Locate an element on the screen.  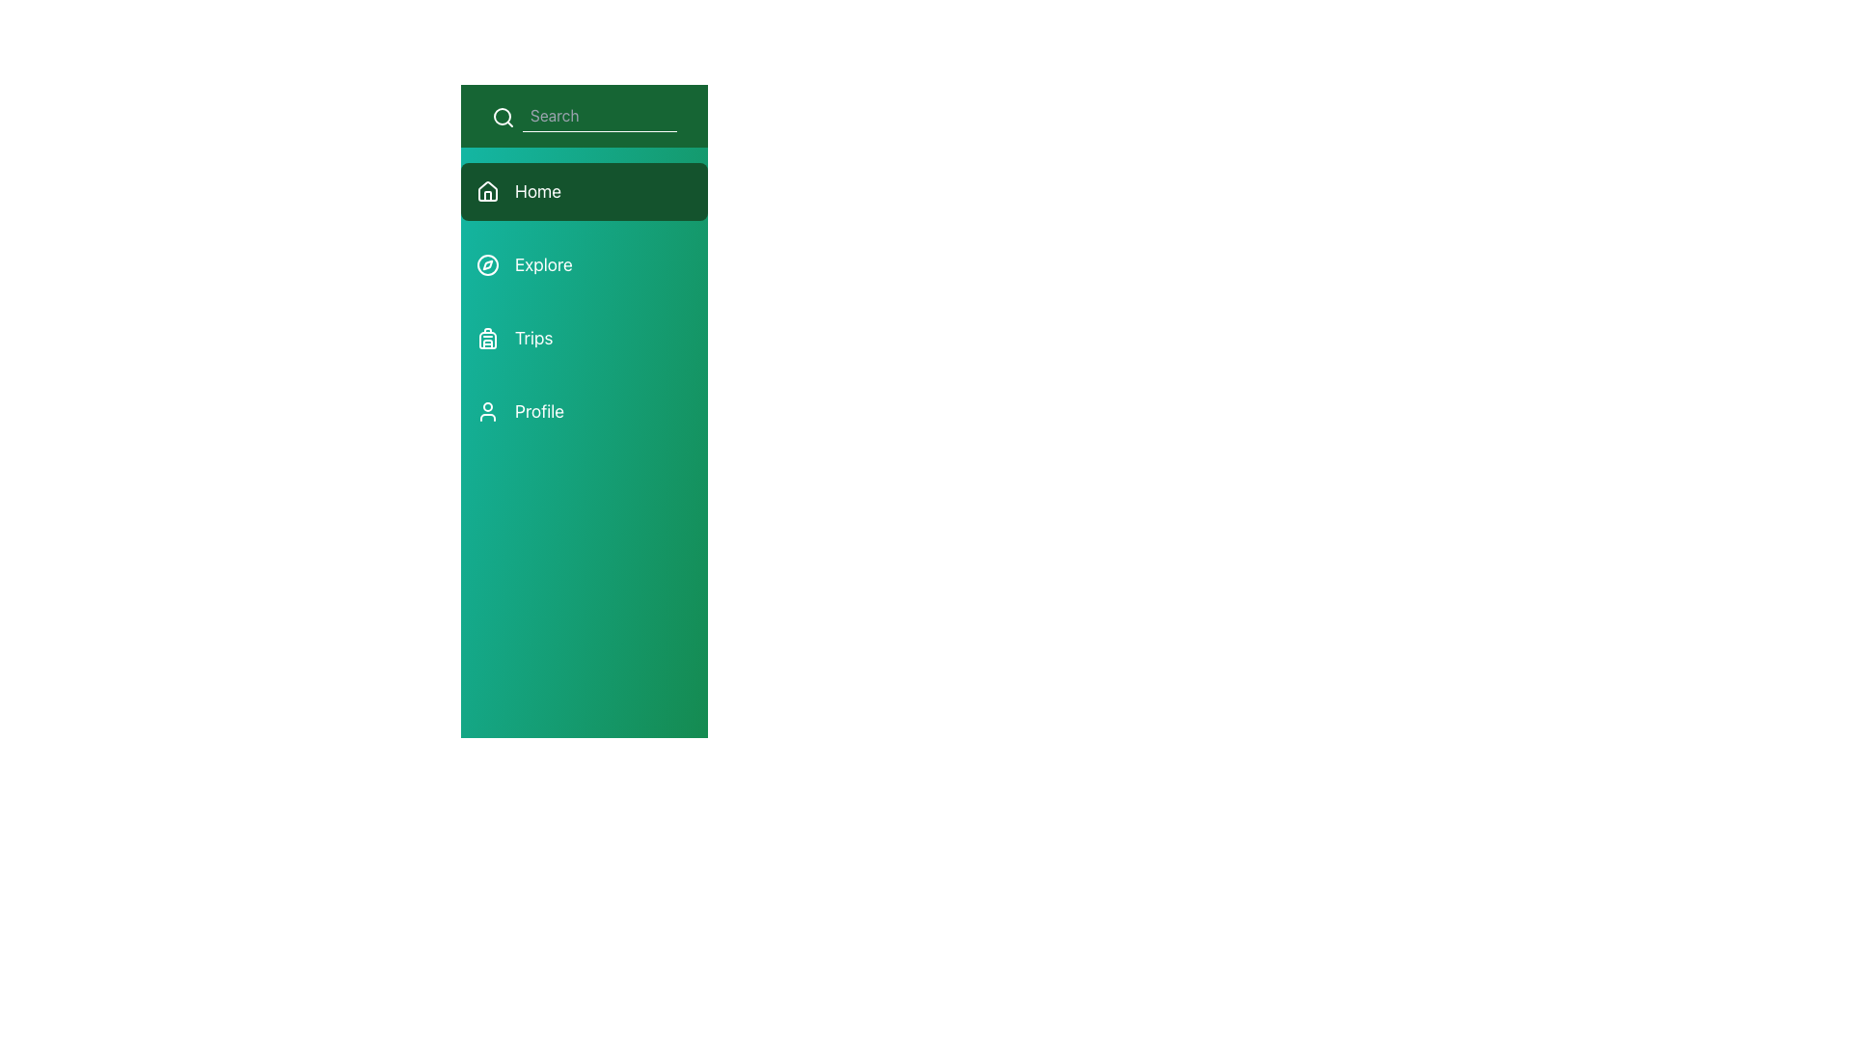
the 'Explore' button, which is the second button in a vertical list is located at coordinates (583, 264).